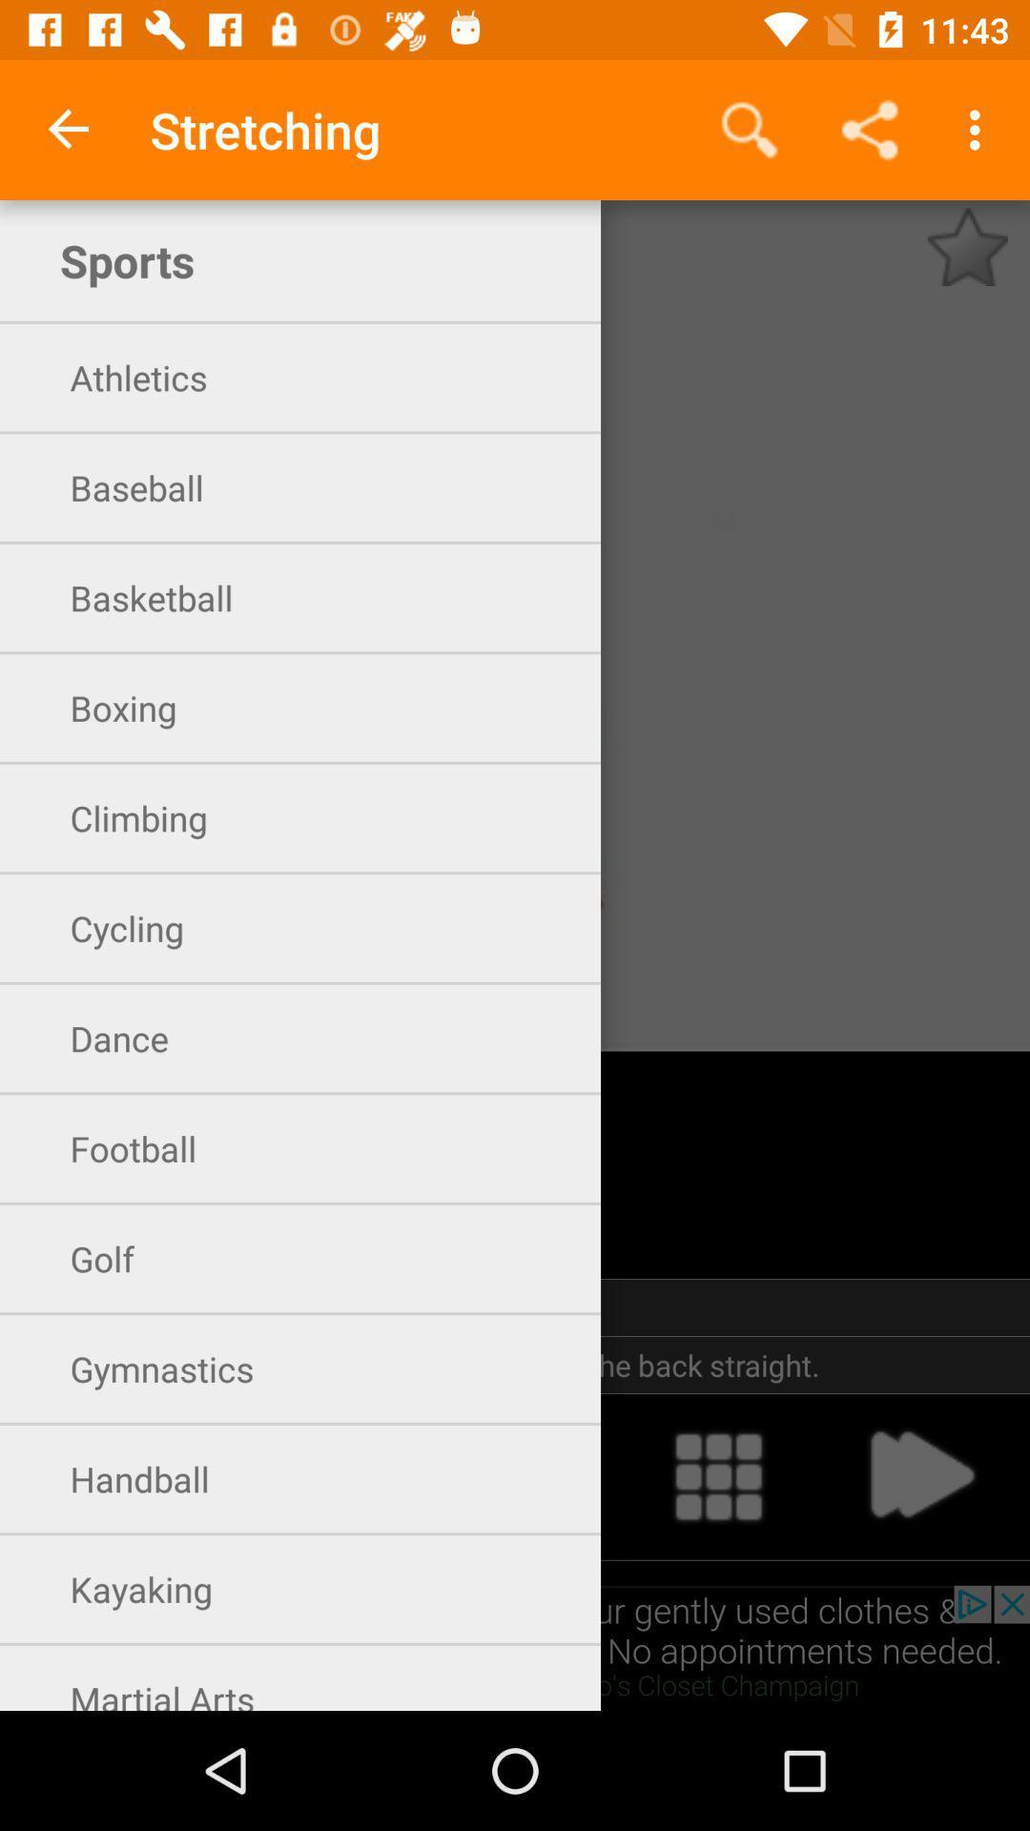 This screenshot has width=1030, height=1831. I want to click on the arrow_forward icon, so click(919, 1475).